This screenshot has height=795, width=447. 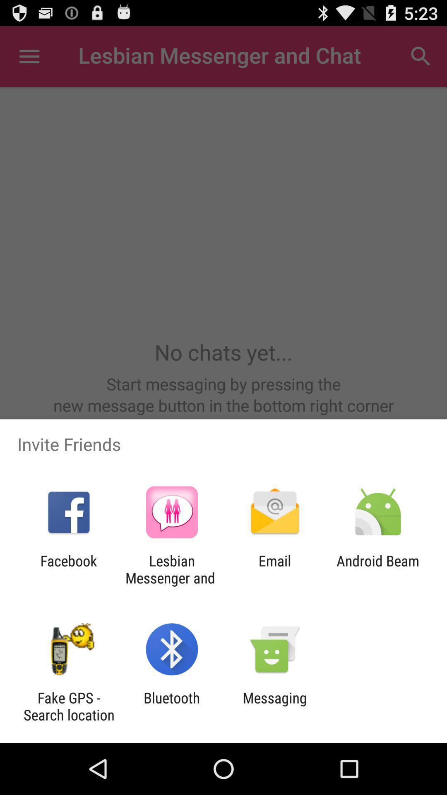 I want to click on the icon next to the lesbian messenger and item, so click(x=68, y=569).